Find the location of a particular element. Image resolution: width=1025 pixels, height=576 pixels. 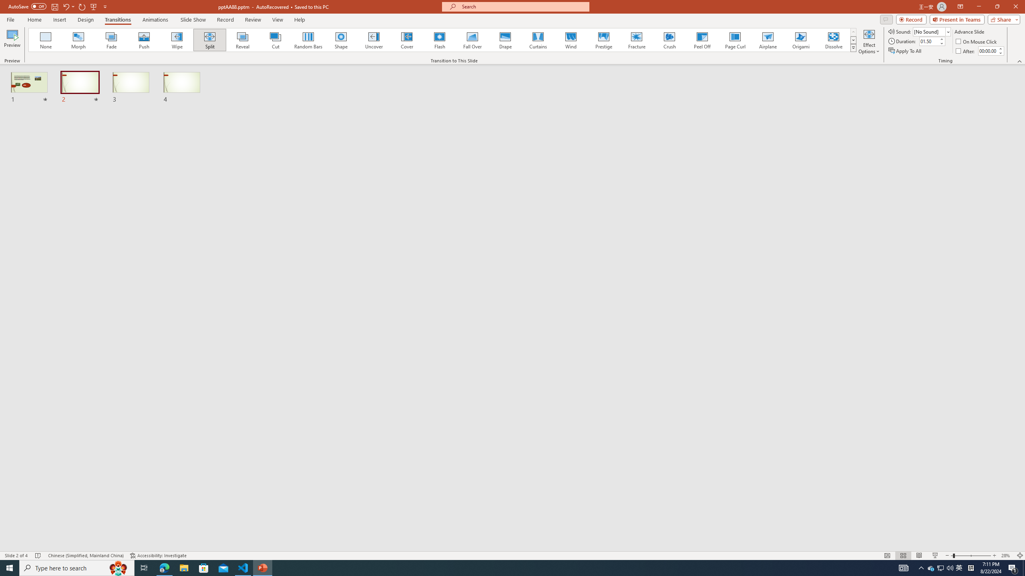

'Duration' is located at coordinates (929, 41).